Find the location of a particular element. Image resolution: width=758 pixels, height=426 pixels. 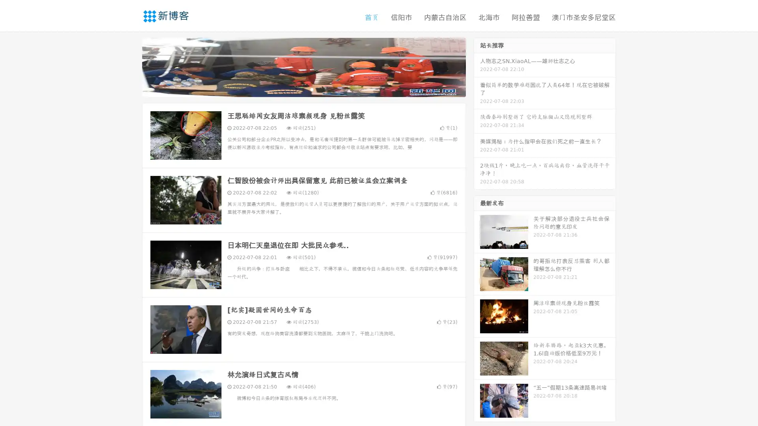

Next slide is located at coordinates (477, 66).